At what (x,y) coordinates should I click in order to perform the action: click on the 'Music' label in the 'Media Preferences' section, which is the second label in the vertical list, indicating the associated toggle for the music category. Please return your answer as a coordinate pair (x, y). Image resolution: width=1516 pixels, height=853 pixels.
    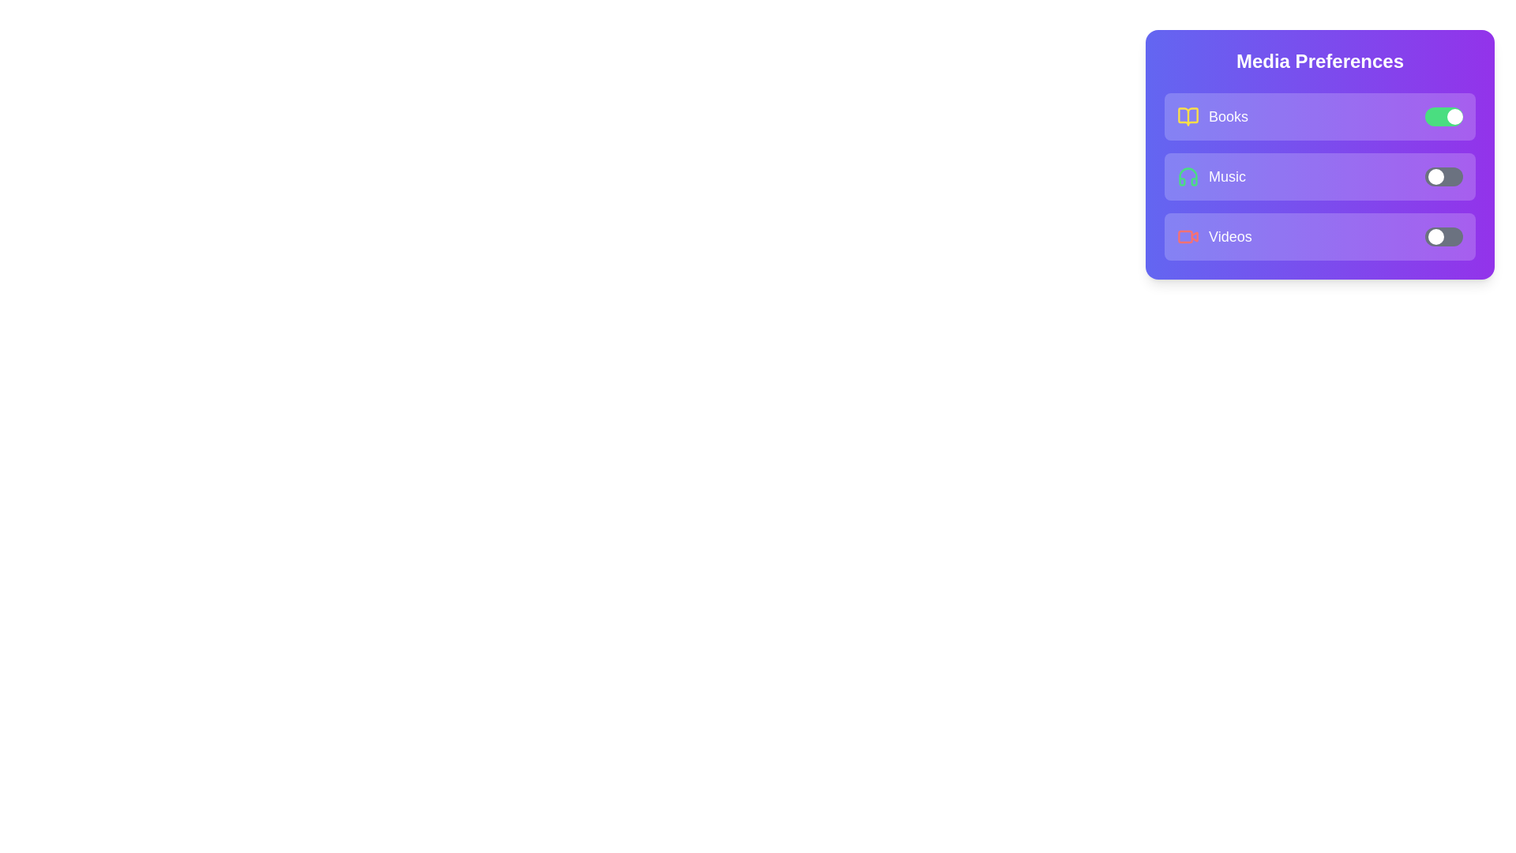
    Looking at the image, I should click on (1226, 176).